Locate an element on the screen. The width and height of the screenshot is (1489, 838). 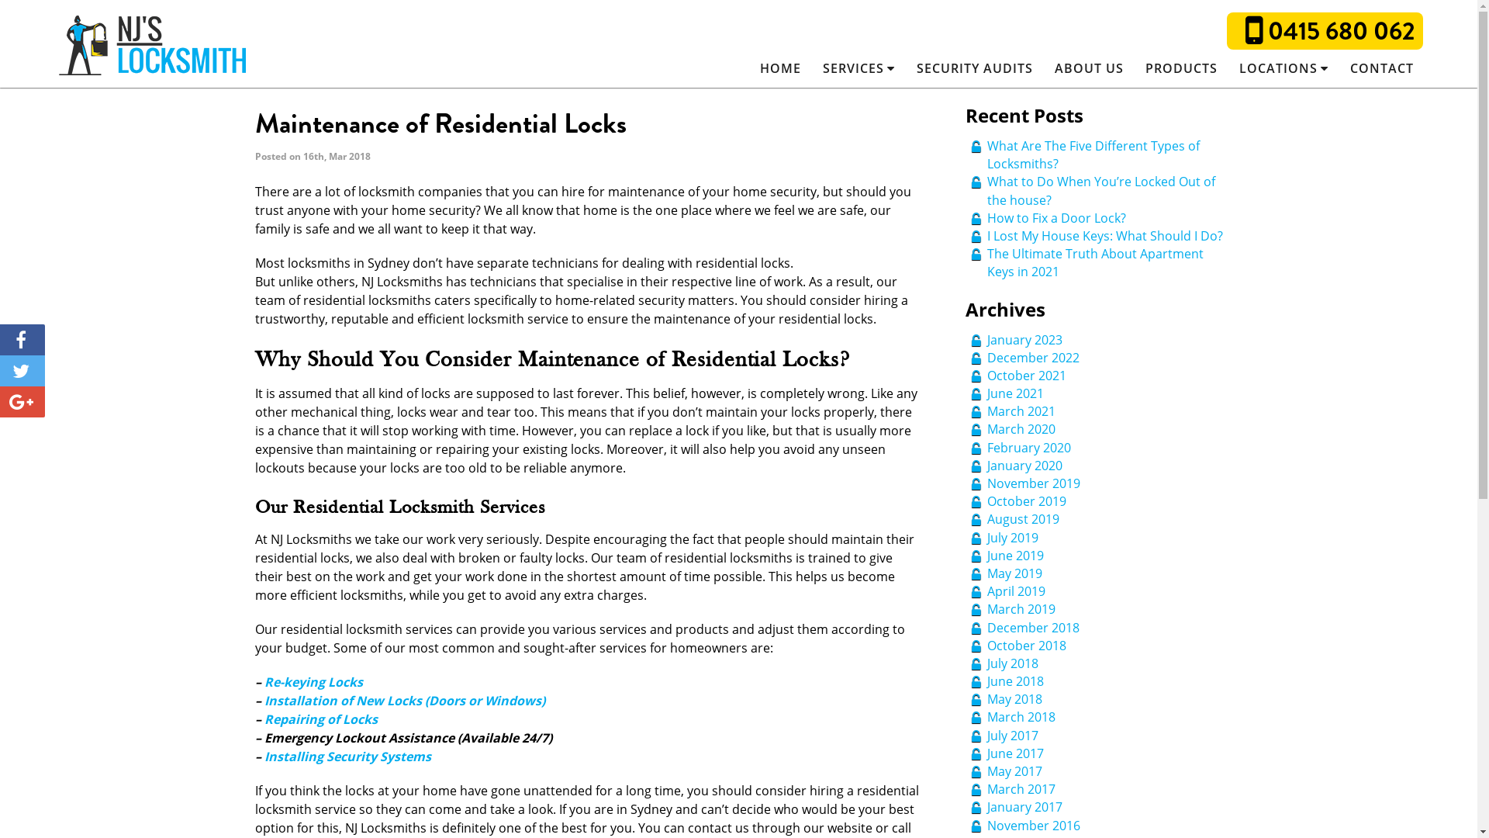
'March 2021' is located at coordinates (1020, 410).